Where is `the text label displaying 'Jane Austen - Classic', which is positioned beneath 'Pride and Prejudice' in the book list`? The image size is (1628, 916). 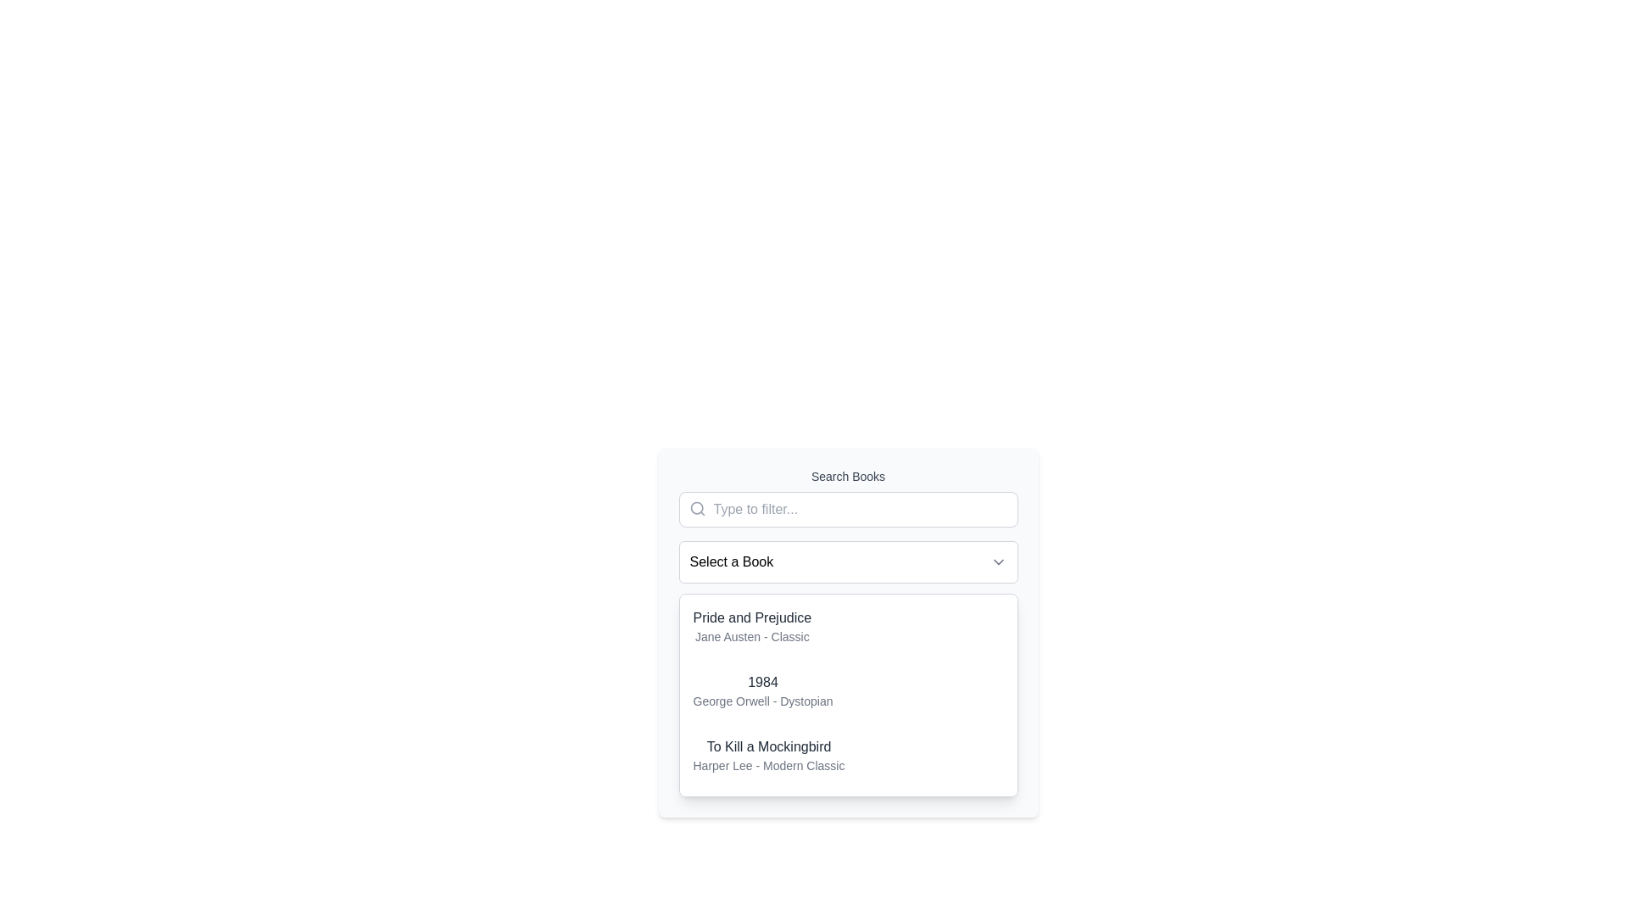 the text label displaying 'Jane Austen - Classic', which is positioned beneath 'Pride and Prejudice' in the book list is located at coordinates (751, 637).